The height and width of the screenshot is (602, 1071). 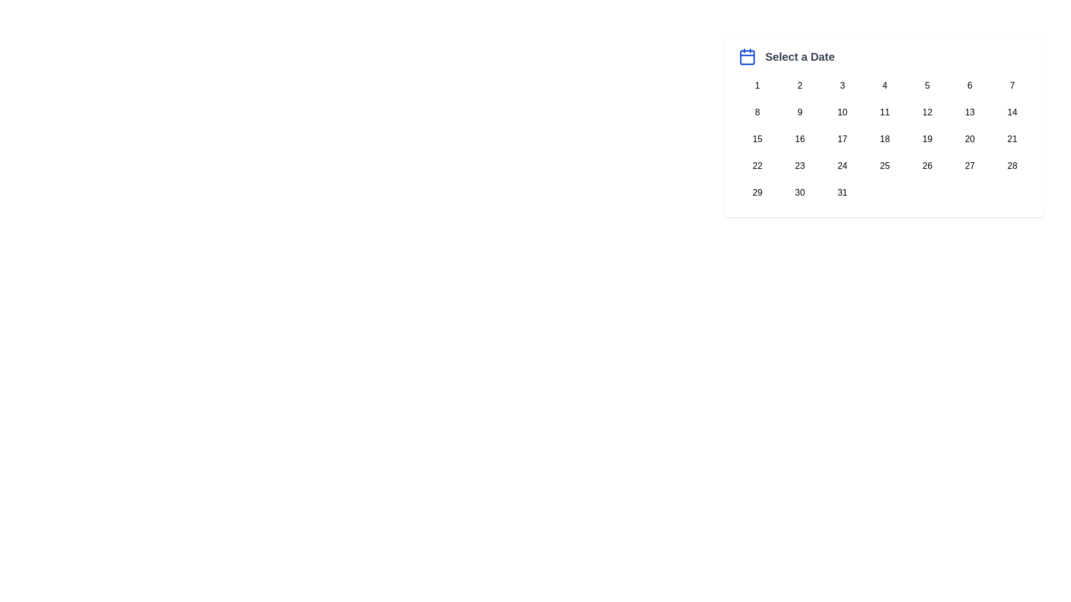 I want to click on the button representing the first day of the month in the calendar widget, so click(x=758, y=85).